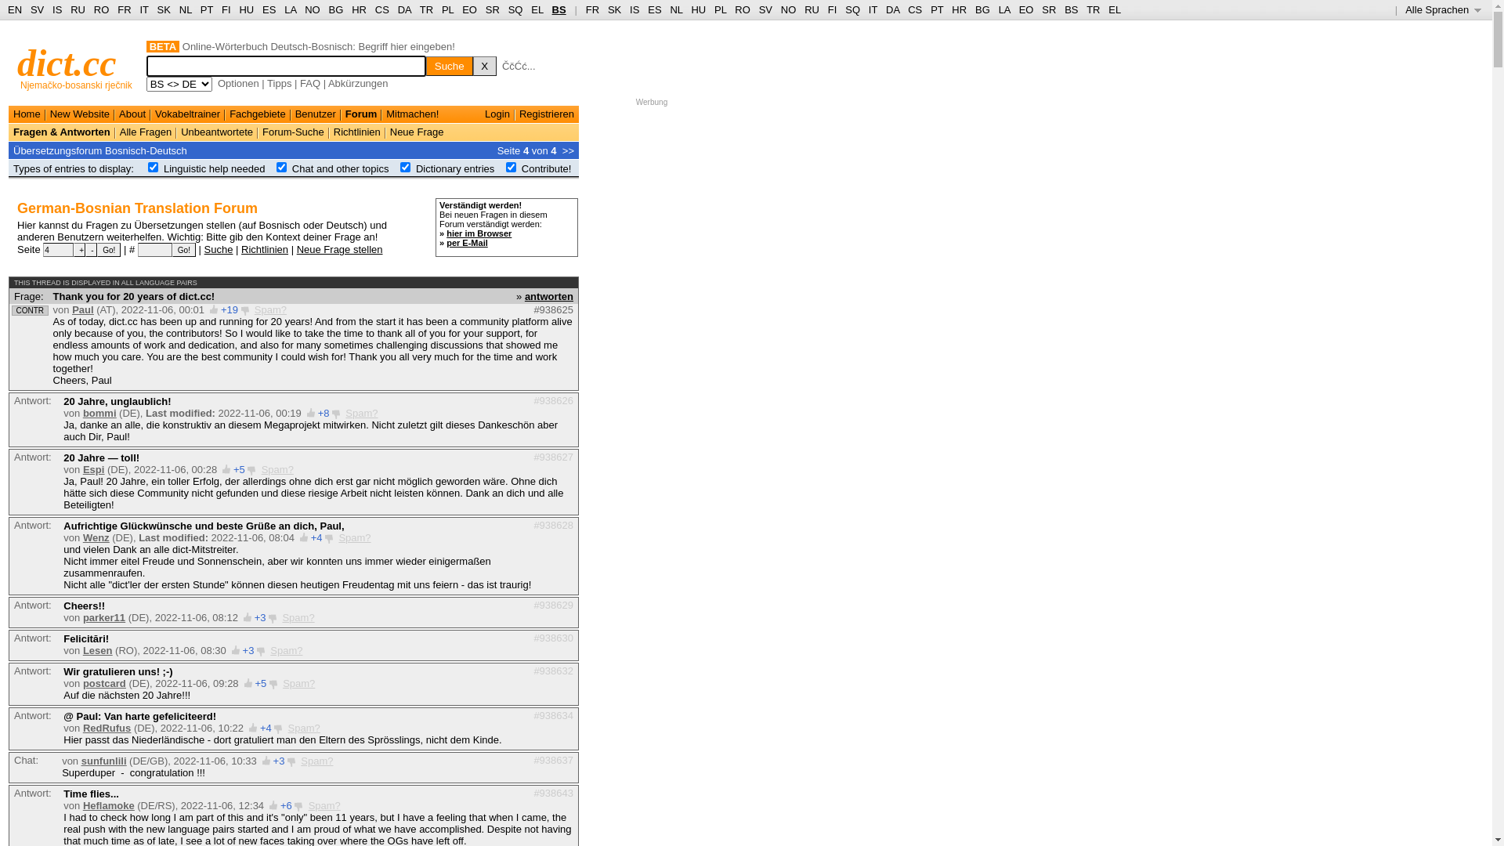 The width and height of the screenshot is (1504, 846). Describe the element at coordinates (216, 131) in the screenshot. I see `'Unbeantwortete'` at that location.